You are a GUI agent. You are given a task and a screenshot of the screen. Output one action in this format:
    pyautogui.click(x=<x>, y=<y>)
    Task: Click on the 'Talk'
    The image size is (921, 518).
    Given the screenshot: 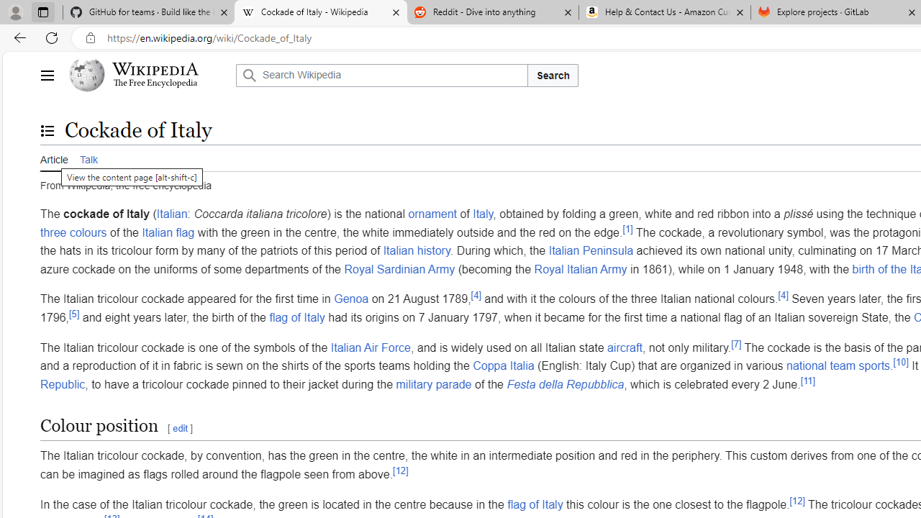 What is the action you would take?
    pyautogui.click(x=87, y=158)
    